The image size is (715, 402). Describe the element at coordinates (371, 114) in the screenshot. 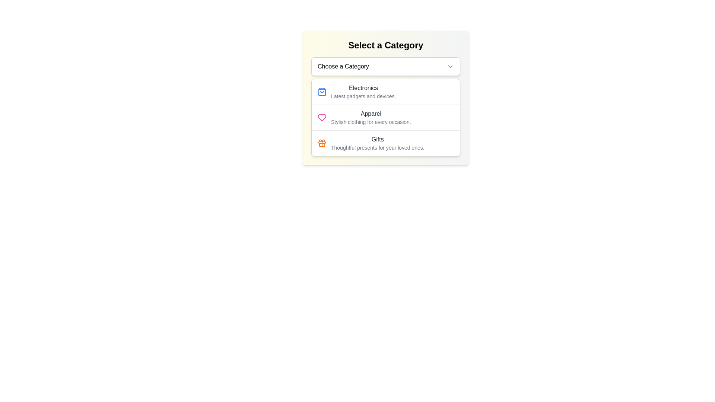

I see `the text label displaying 'Apparel', which serves as a category title within the selection list` at that location.